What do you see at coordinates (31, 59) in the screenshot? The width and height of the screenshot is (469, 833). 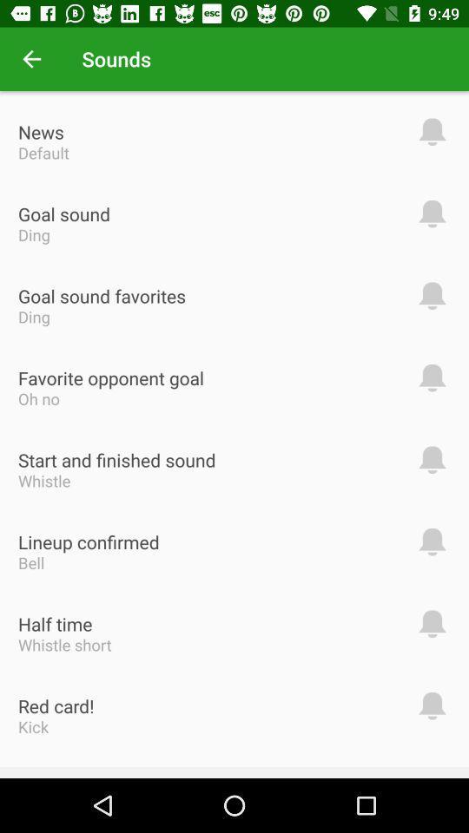 I see `the icon above the news icon` at bounding box center [31, 59].